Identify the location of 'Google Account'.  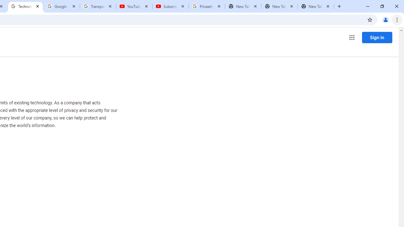
(62, 6).